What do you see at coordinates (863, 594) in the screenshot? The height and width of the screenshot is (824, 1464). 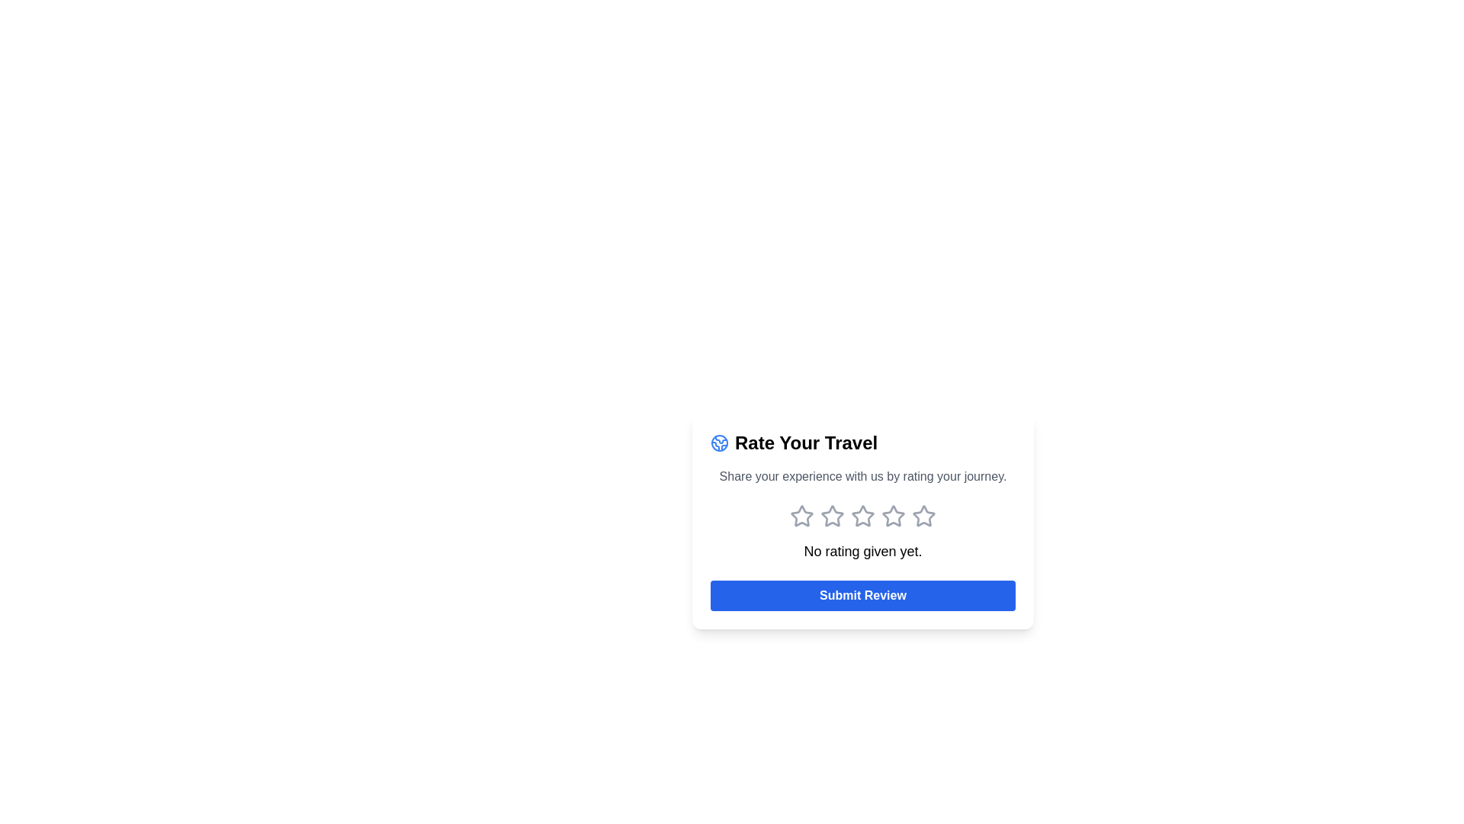 I see `the submit button located at the bottom of the centered card layout` at bounding box center [863, 594].